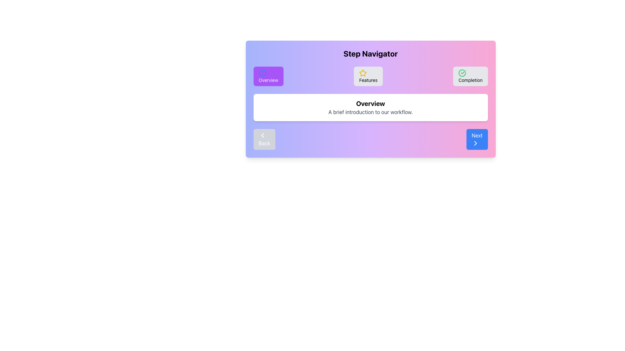 The height and width of the screenshot is (351, 625). What do you see at coordinates (362, 72) in the screenshot?
I see `the star icon located above the 'Overview' description box, centered horizontally between the 'Overview' and 'Completion' buttons for interaction` at bounding box center [362, 72].